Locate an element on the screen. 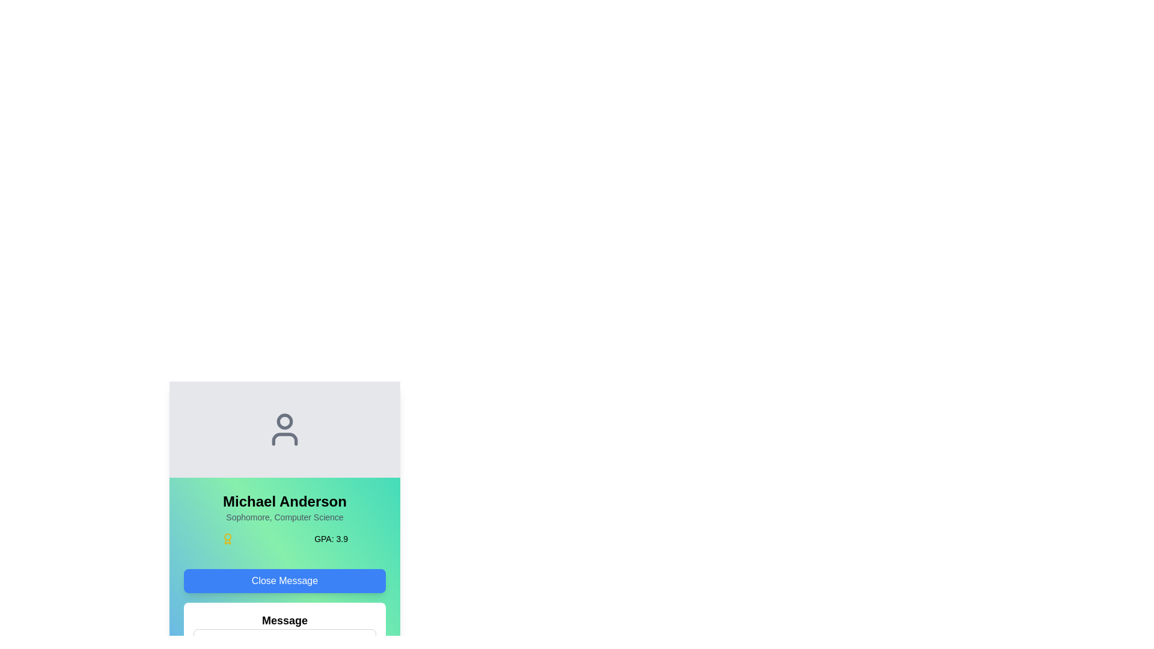  the Text Label that provides academic year and major information, located below the 'Michael Anderson' label and above the 'GPA: 3.9' label is located at coordinates (284, 516).